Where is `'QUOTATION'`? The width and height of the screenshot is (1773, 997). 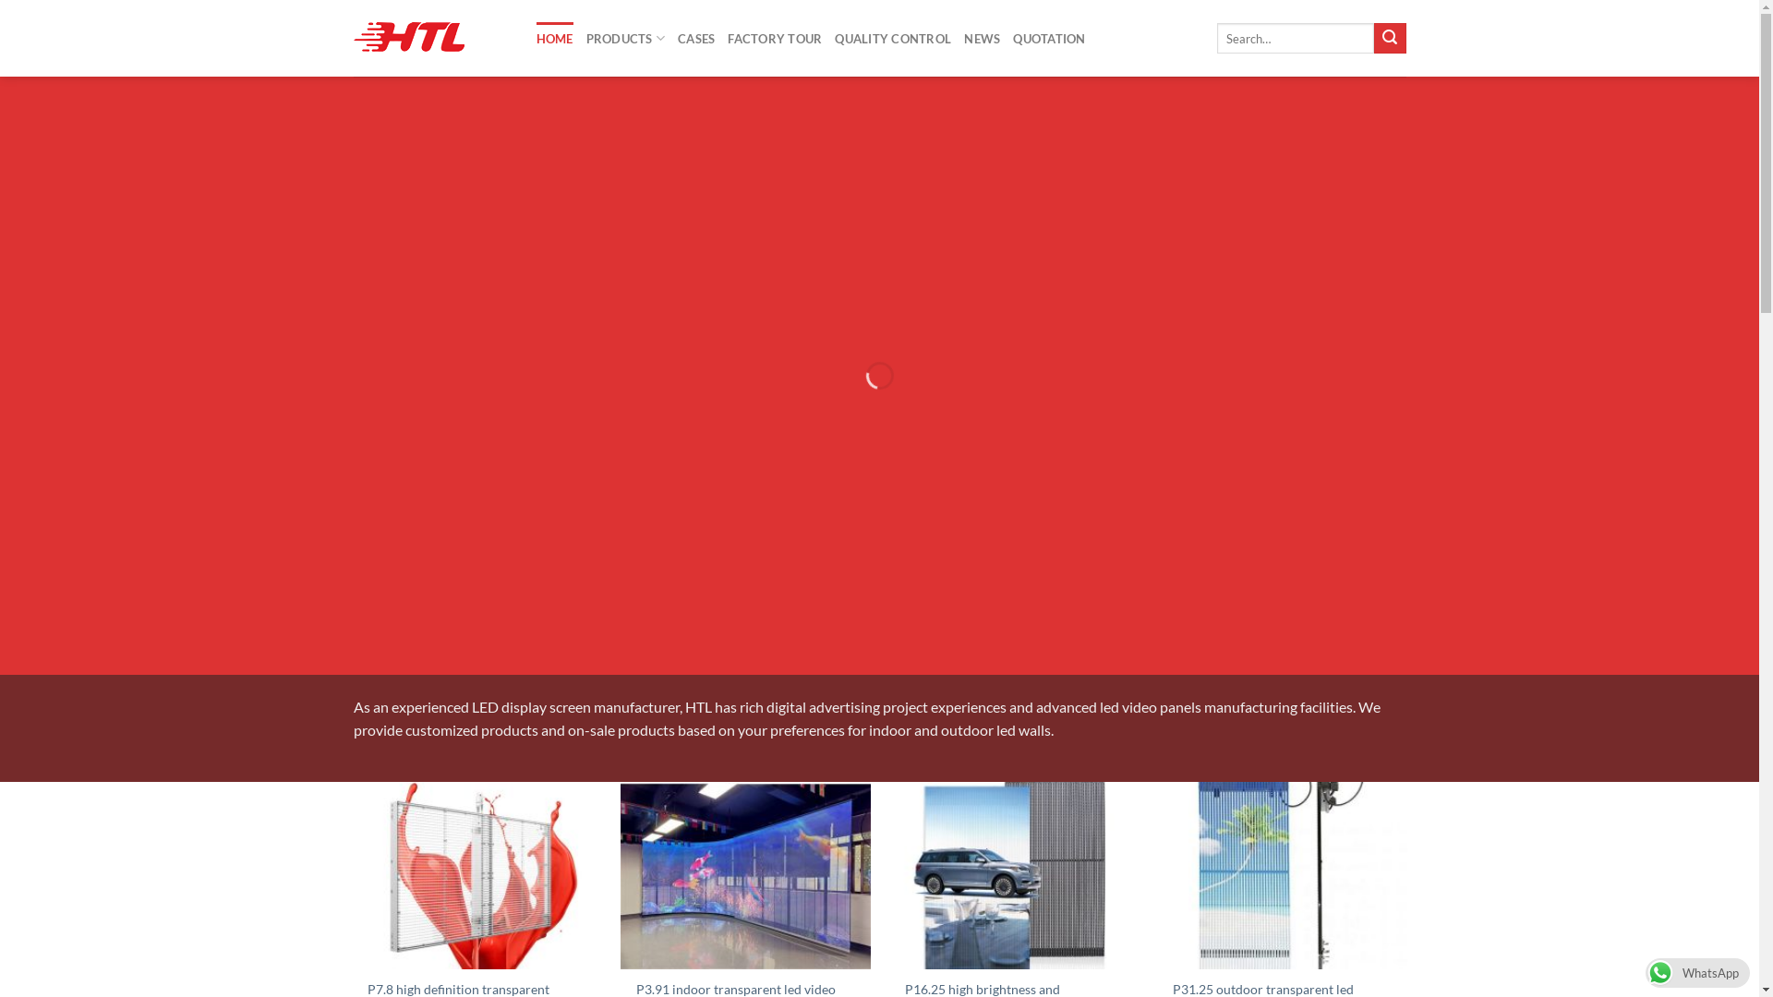
'QUOTATION' is located at coordinates (1049, 39).